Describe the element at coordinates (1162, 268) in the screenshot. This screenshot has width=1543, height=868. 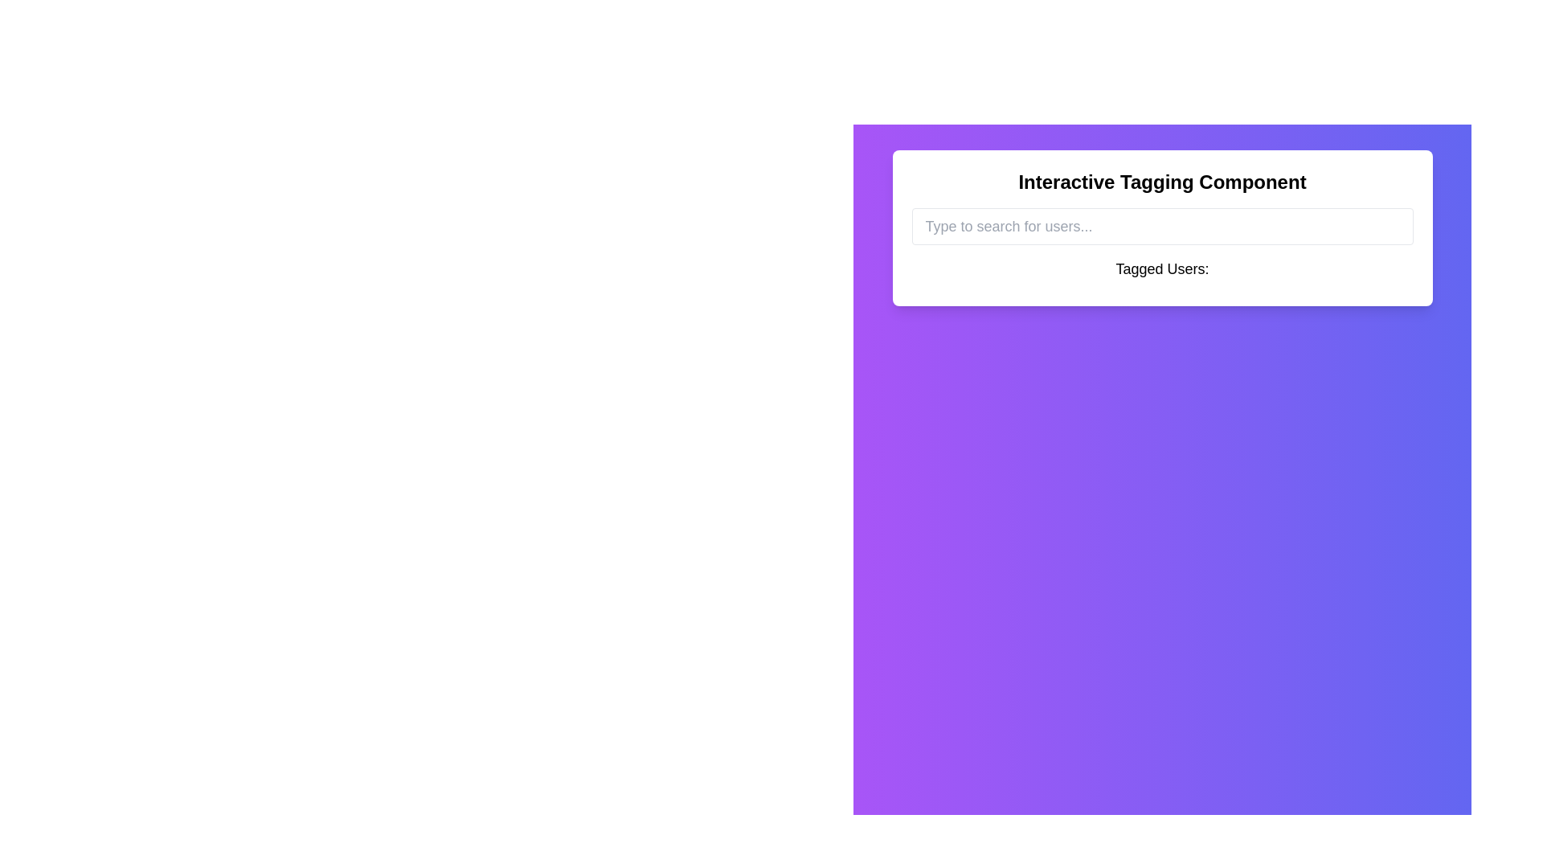
I see `the text label displaying 'Tagged Users:', which is centrally aligned below the 'Type to search for users...' input field` at that location.